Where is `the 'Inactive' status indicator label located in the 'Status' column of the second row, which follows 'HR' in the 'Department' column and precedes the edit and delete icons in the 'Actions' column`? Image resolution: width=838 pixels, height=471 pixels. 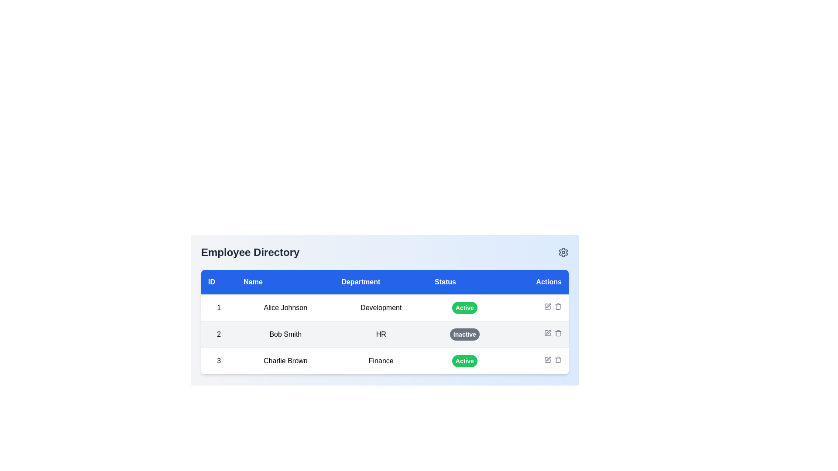
the 'Inactive' status indicator label located in the 'Status' column of the second row, which follows 'HR' in the 'Department' column and precedes the edit and delete icons in the 'Actions' column is located at coordinates (464, 334).